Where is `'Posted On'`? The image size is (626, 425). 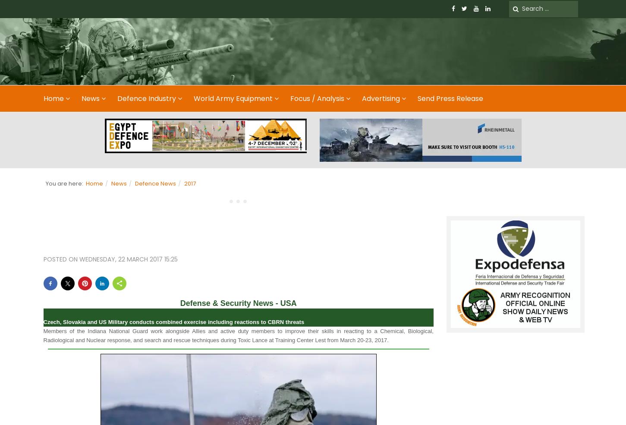 'Posted On' is located at coordinates (61, 258).